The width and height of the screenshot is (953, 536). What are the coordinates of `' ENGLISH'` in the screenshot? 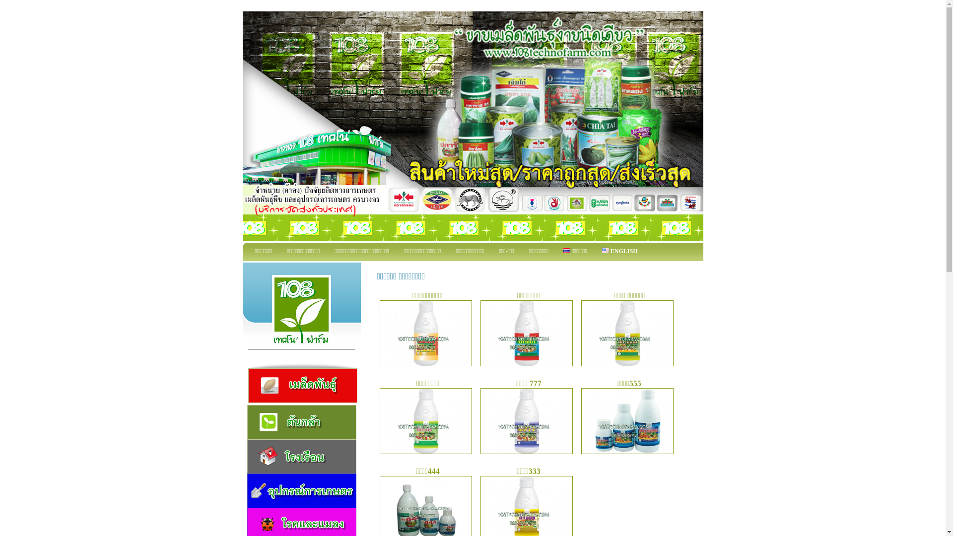 It's located at (619, 251).